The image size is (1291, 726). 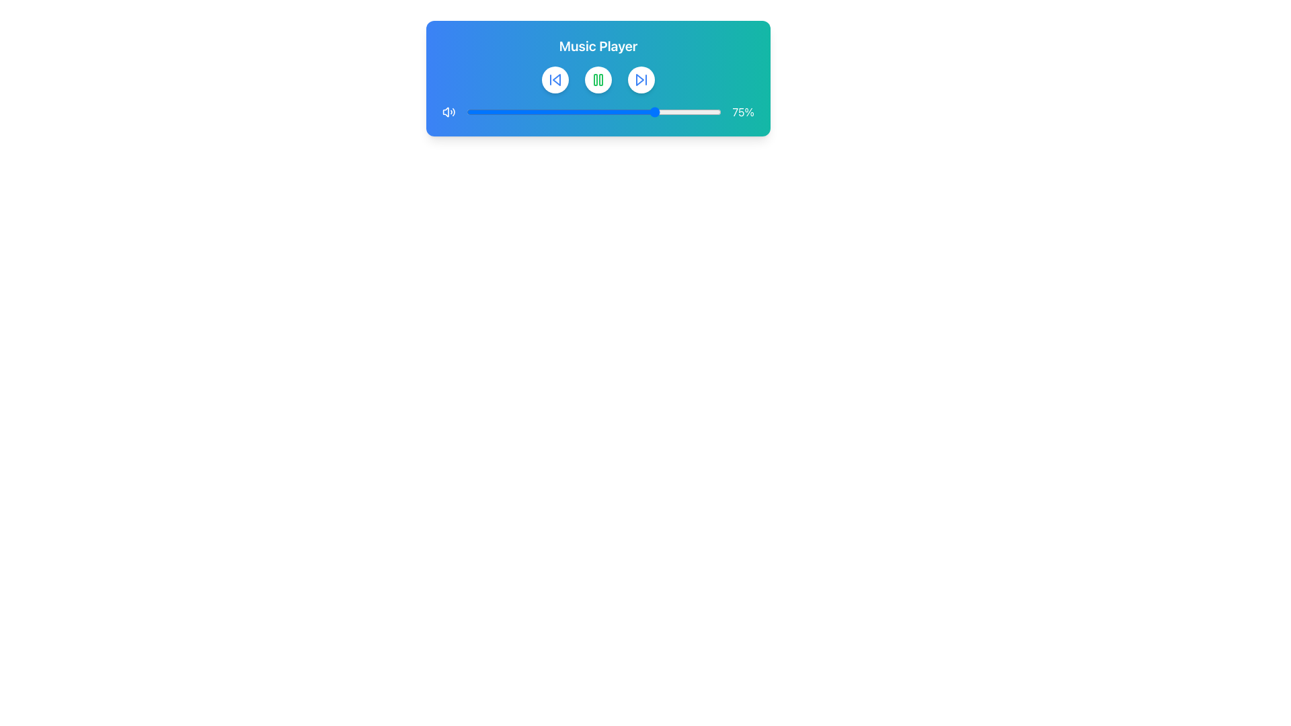 I want to click on the play/pause toggle button in the music player interface, so click(x=597, y=80).